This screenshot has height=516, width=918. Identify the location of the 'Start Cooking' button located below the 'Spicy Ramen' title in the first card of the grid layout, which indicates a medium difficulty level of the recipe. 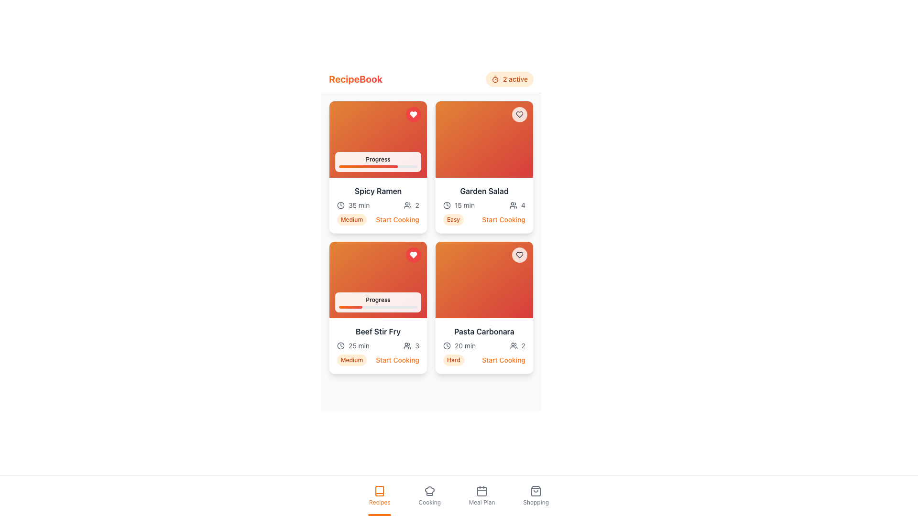
(378, 219).